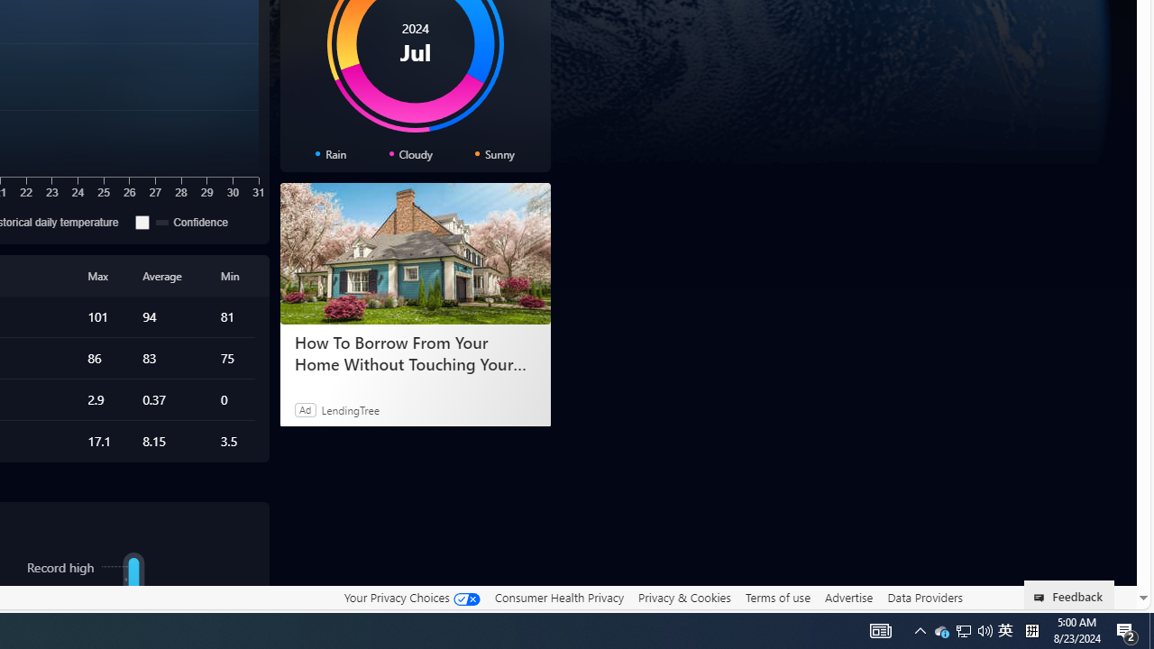  I want to click on 'Data Providers', so click(924, 597).